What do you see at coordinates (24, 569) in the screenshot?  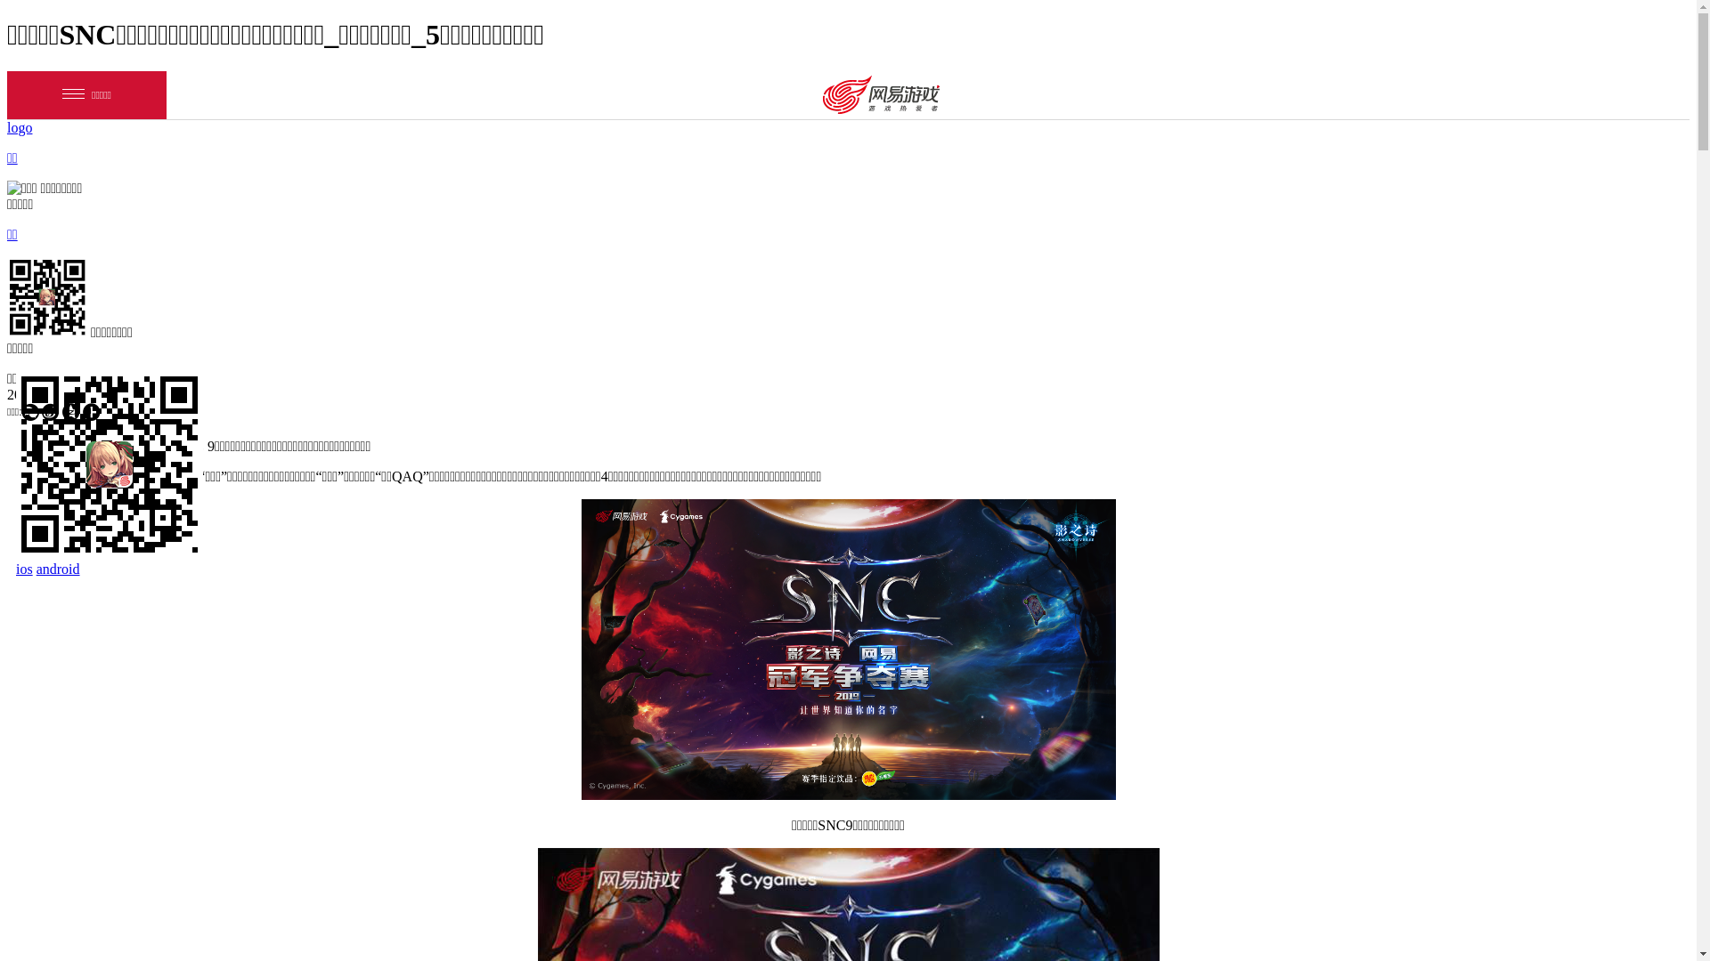 I see `'ios'` at bounding box center [24, 569].